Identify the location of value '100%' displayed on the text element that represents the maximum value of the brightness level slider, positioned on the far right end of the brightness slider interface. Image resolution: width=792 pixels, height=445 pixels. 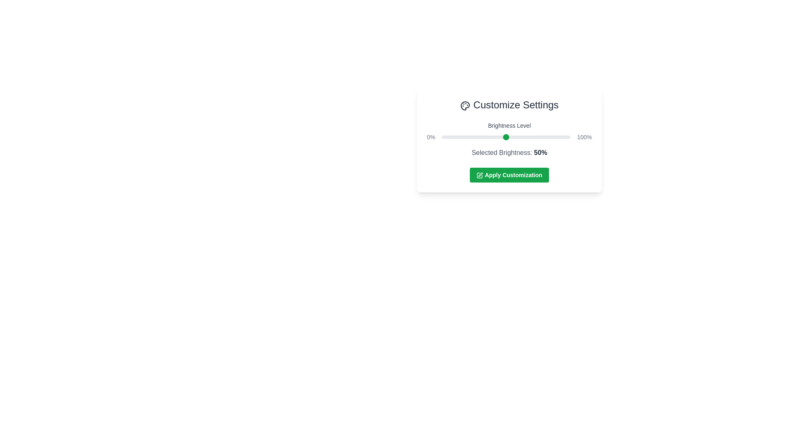
(584, 136).